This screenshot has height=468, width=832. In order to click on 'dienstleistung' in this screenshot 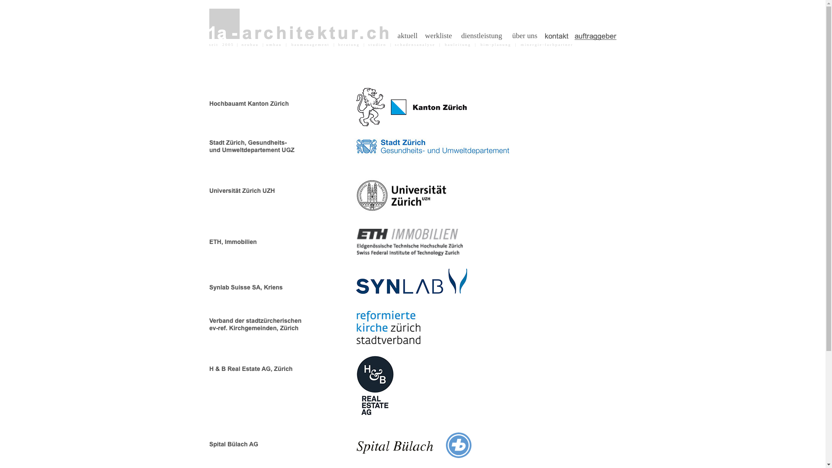, I will do `click(481, 36)`.